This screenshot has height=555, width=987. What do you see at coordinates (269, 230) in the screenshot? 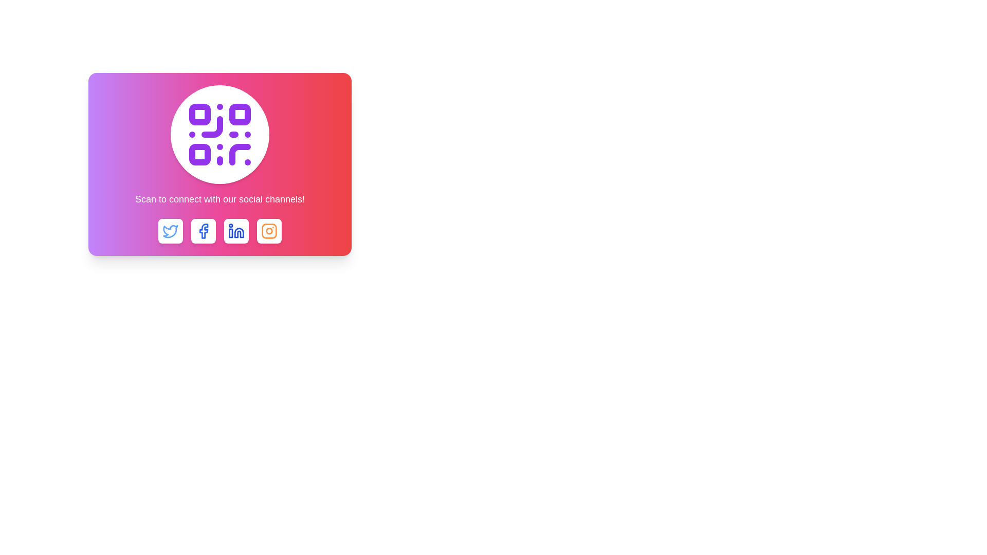
I see `the decorative Instagram logo icon located on the far right among a row of social media icons` at bounding box center [269, 230].